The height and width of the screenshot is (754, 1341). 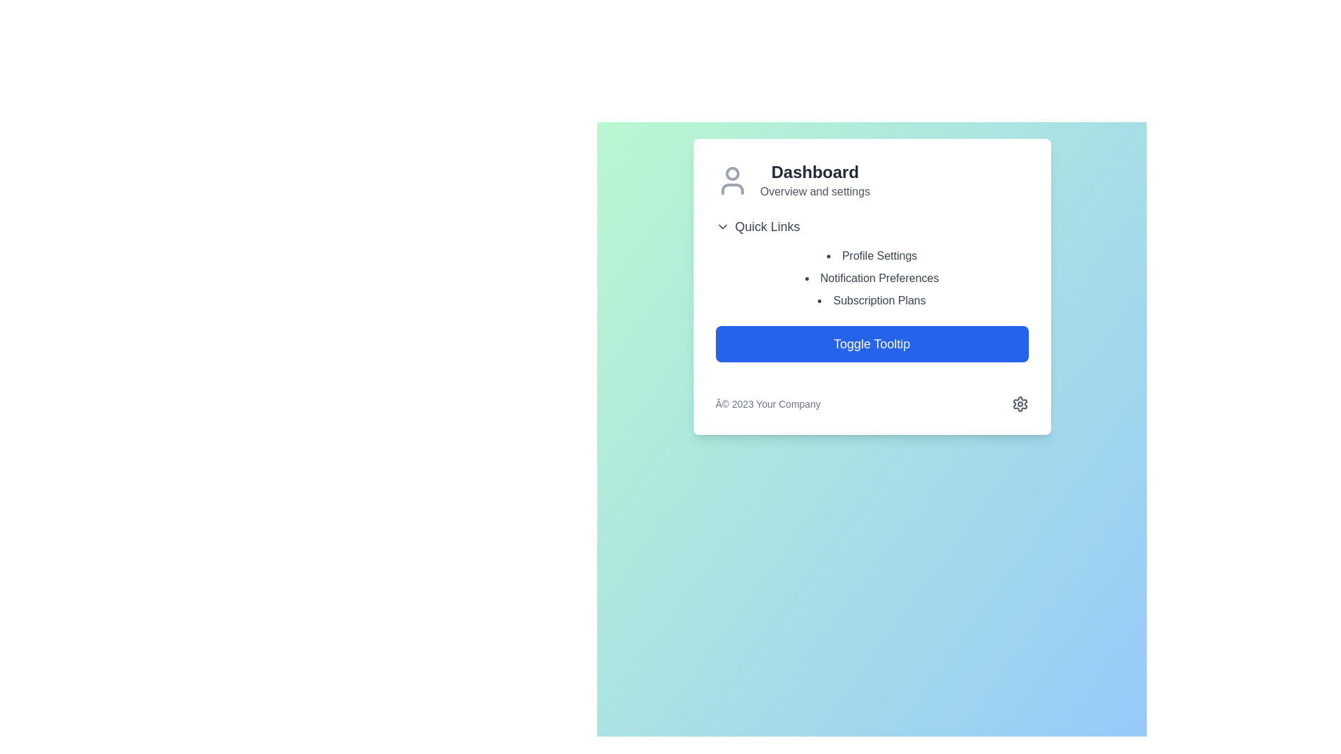 I want to click on the 'Profile Settings' text label located in the navigation menu, which is the first item in the list under 'Quick Links', so click(x=871, y=256).